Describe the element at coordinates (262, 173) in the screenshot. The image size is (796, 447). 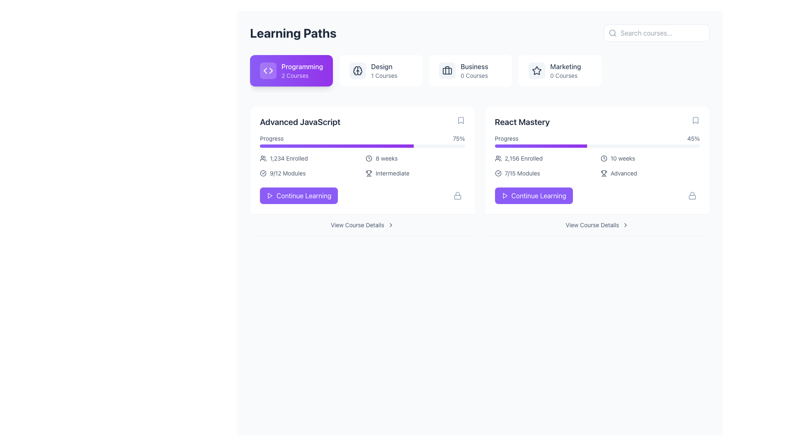
I see `the progress icon indicating completion of modules, located to the left of the text '9/12 Modules' in the Learning Paths interface for the course 'Advanced JavaScript'` at that location.